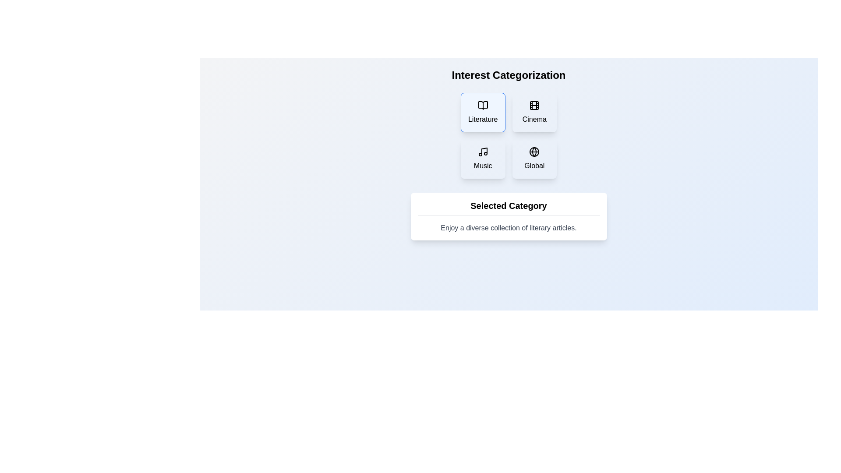 The height and width of the screenshot is (473, 841). What do you see at coordinates (482, 159) in the screenshot?
I see `the 'Music' category button located in the left-bottom slot of the 2x2 grid under 'Interest Categorization'` at bounding box center [482, 159].